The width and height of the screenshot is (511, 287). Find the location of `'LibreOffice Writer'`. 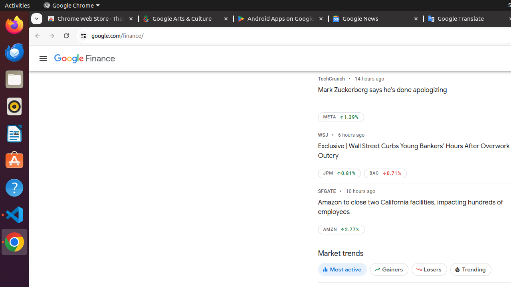

'LibreOffice Writer' is located at coordinates (14, 133).